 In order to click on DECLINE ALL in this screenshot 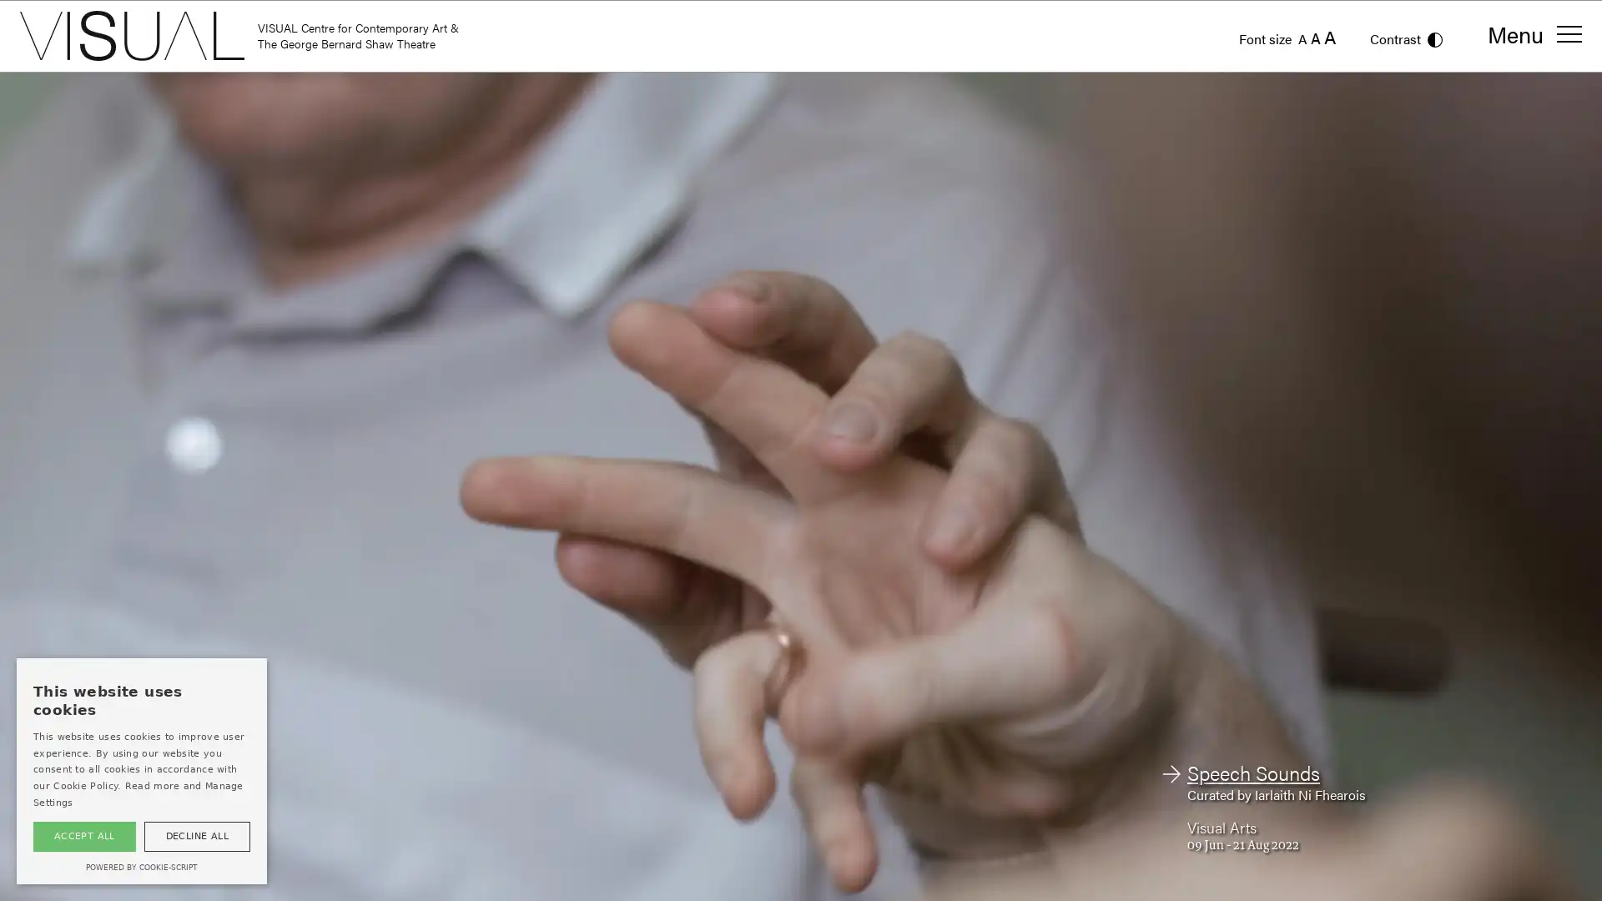, I will do `click(196, 836)`.